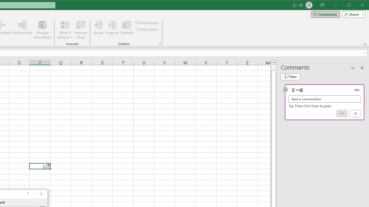 This screenshot has width=369, height=207. What do you see at coordinates (273, 67) in the screenshot?
I see `'Page up'` at bounding box center [273, 67].